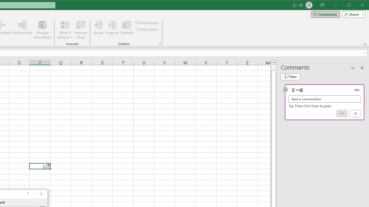 This screenshot has width=369, height=207. What do you see at coordinates (273, 67) in the screenshot?
I see `'Page up'` at bounding box center [273, 67].